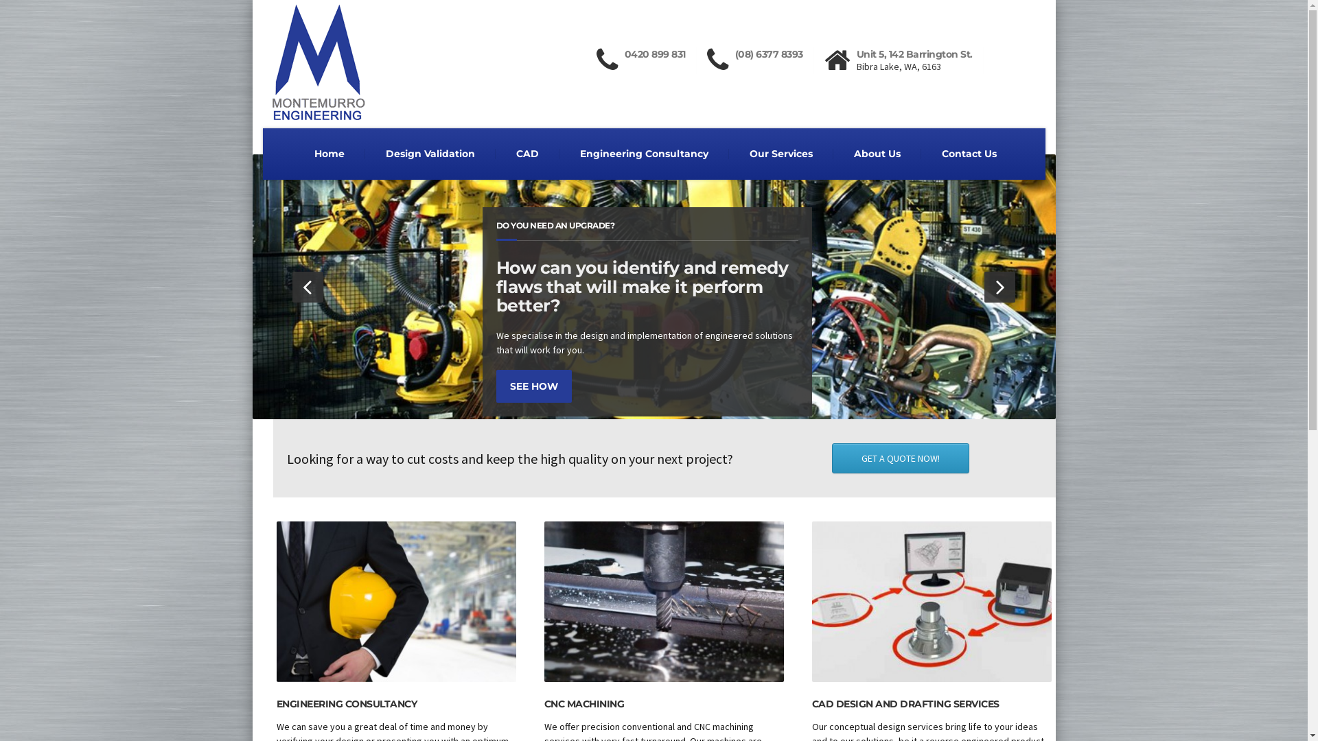  What do you see at coordinates (275, 704) in the screenshot?
I see `'ENGINEERING CONSULTANCY'` at bounding box center [275, 704].